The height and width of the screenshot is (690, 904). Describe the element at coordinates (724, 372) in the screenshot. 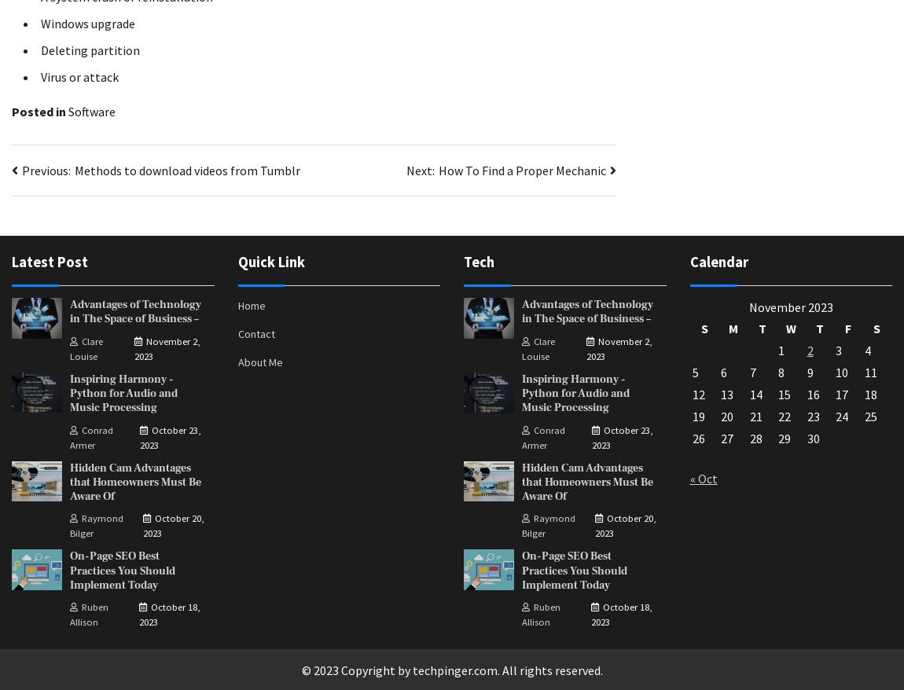

I see `'6'` at that location.